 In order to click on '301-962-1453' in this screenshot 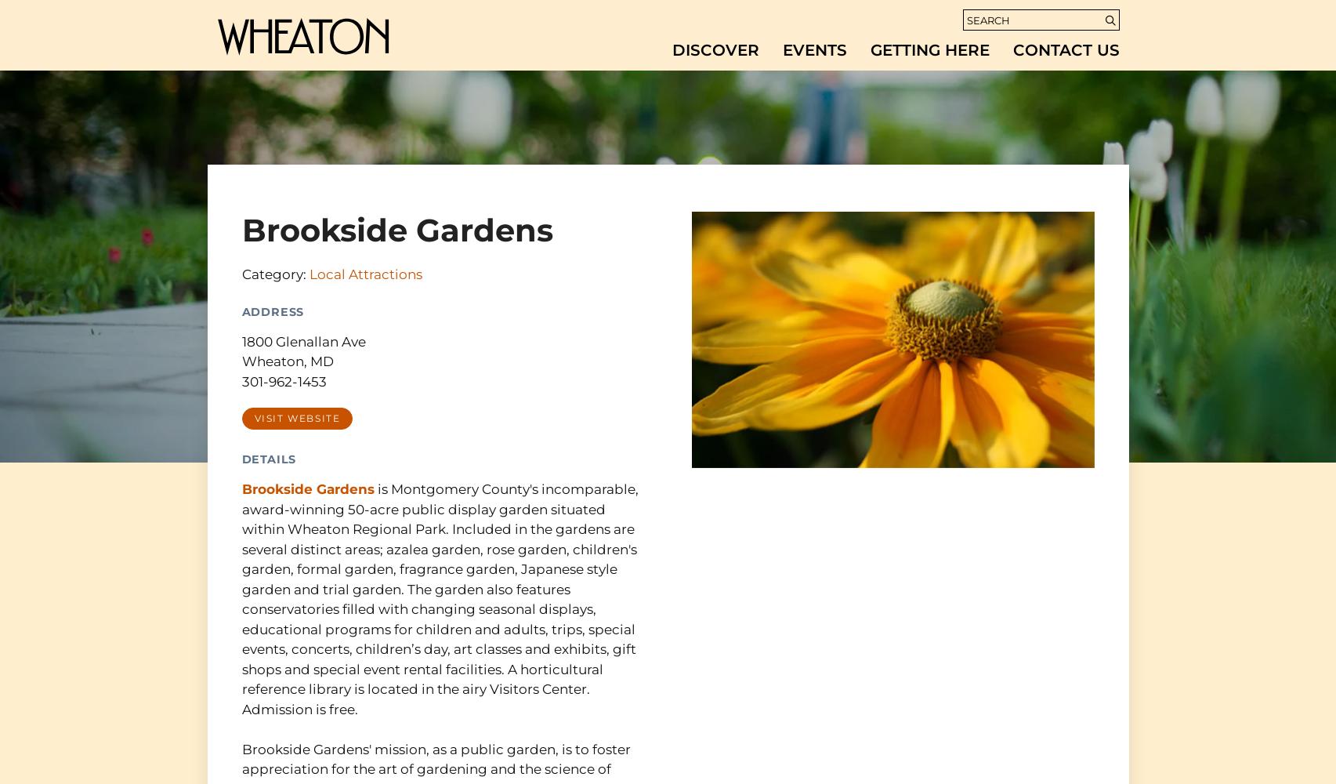, I will do `click(240, 380)`.